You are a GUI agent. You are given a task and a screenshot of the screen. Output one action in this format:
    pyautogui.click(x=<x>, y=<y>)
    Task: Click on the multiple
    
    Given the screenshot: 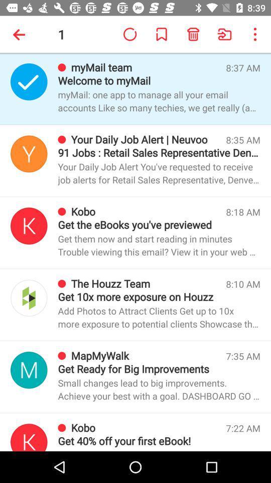 What is the action you would take?
    pyautogui.click(x=29, y=437)
    